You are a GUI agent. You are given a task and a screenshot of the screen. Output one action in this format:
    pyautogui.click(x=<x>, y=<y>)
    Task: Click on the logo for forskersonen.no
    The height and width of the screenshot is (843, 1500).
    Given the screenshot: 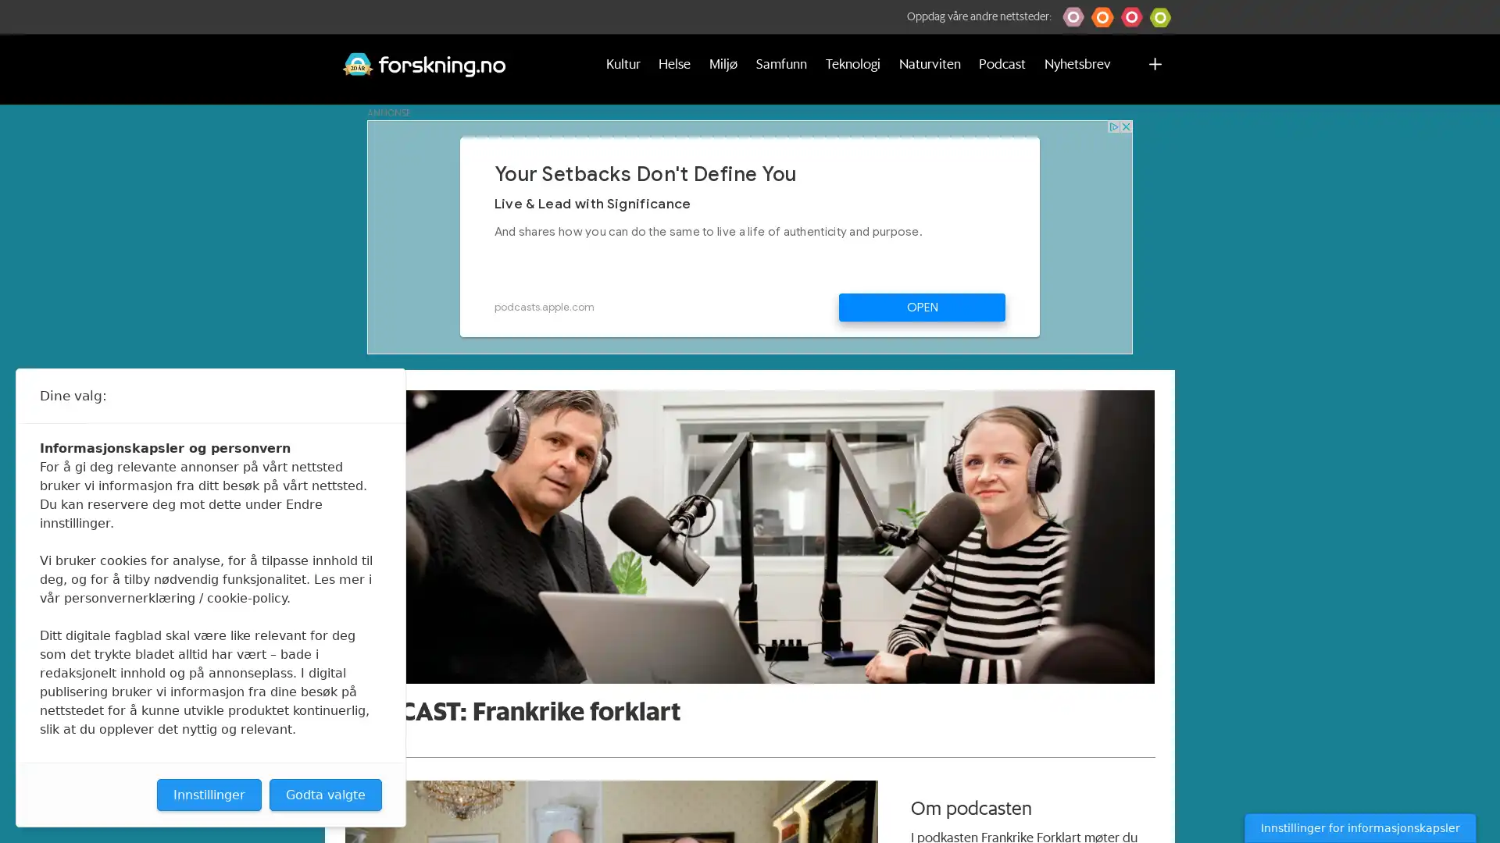 What is the action you would take?
    pyautogui.click(x=1073, y=17)
    